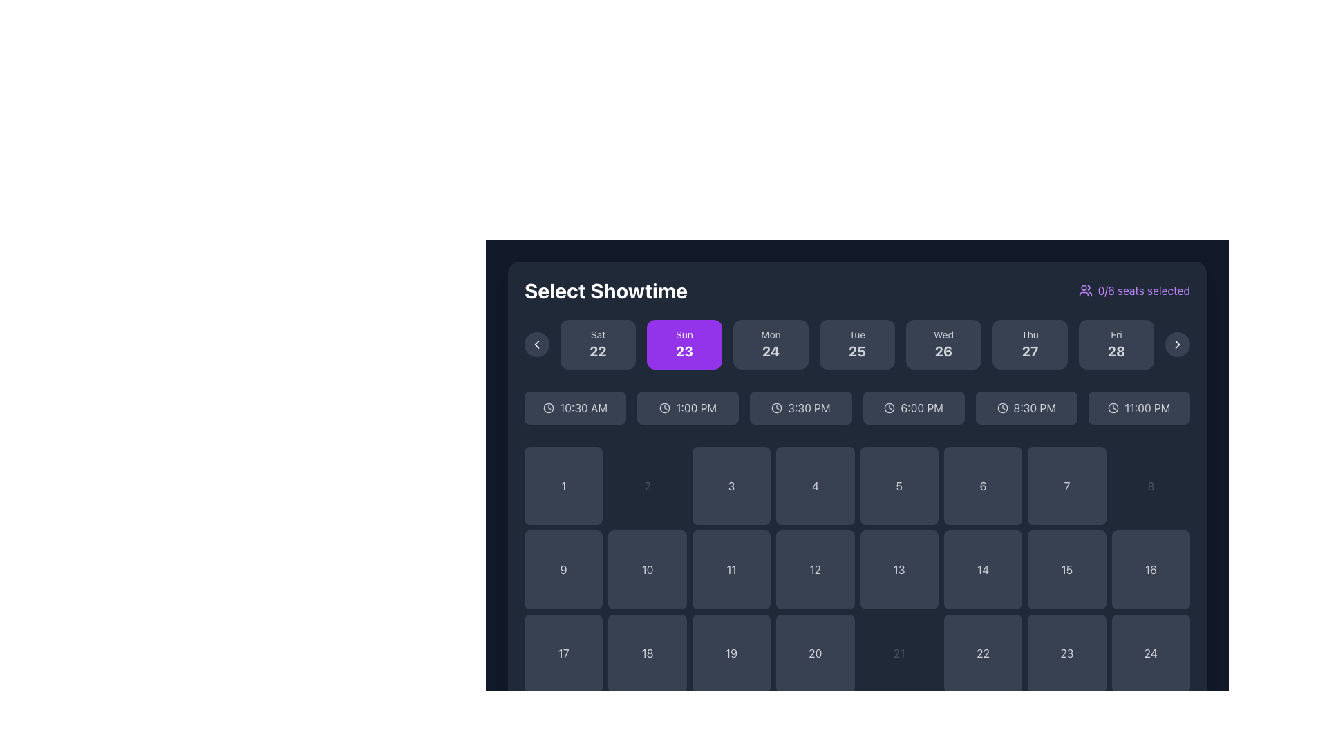  Describe the element at coordinates (536, 343) in the screenshot. I see `the left-pointing chevron arrow icon inside the circular button located on the top navigation bar, slightly below the title 'Select Showtime'` at that location.